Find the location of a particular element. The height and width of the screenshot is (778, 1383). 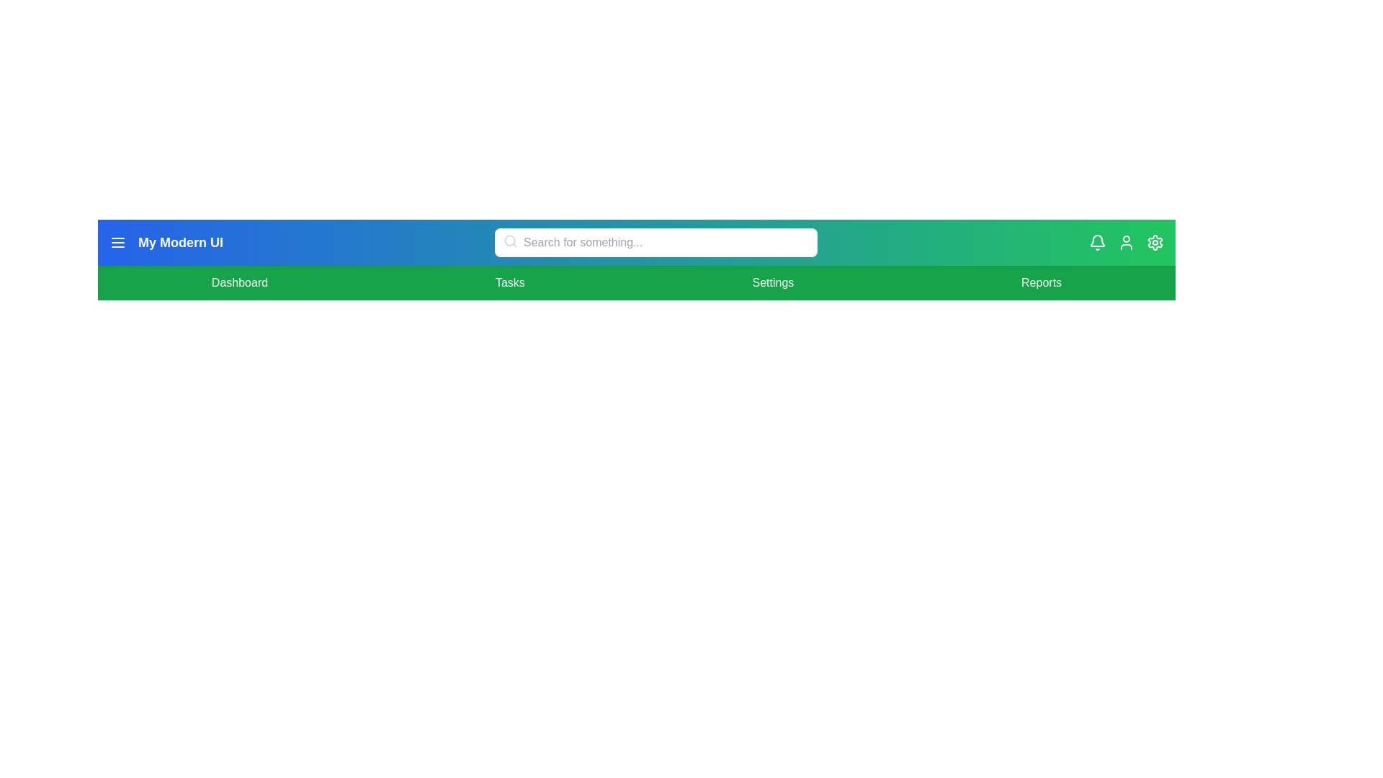

the menu item Settings to navigate to the corresponding section is located at coordinates (772, 283).